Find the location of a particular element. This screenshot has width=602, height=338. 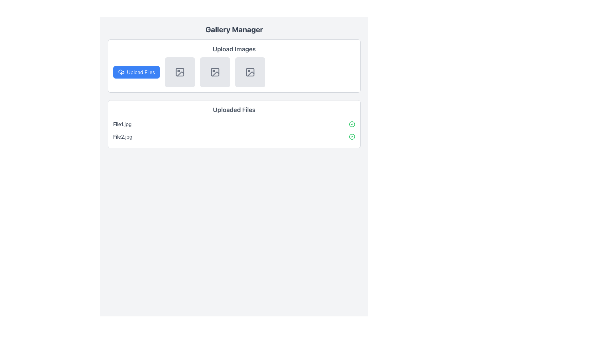

the success icon indicating that the file 'File1.jpg' has been successfully uploaded, which is located to the right of the file name in the uploaded files list is located at coordinates (352, 124).